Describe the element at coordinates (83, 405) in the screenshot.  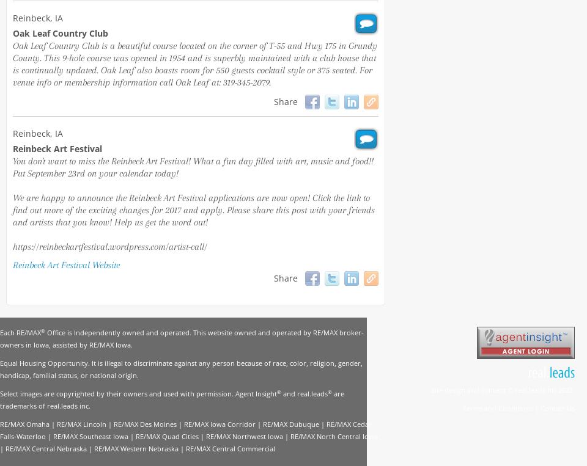
I see `'inc'` at that location.